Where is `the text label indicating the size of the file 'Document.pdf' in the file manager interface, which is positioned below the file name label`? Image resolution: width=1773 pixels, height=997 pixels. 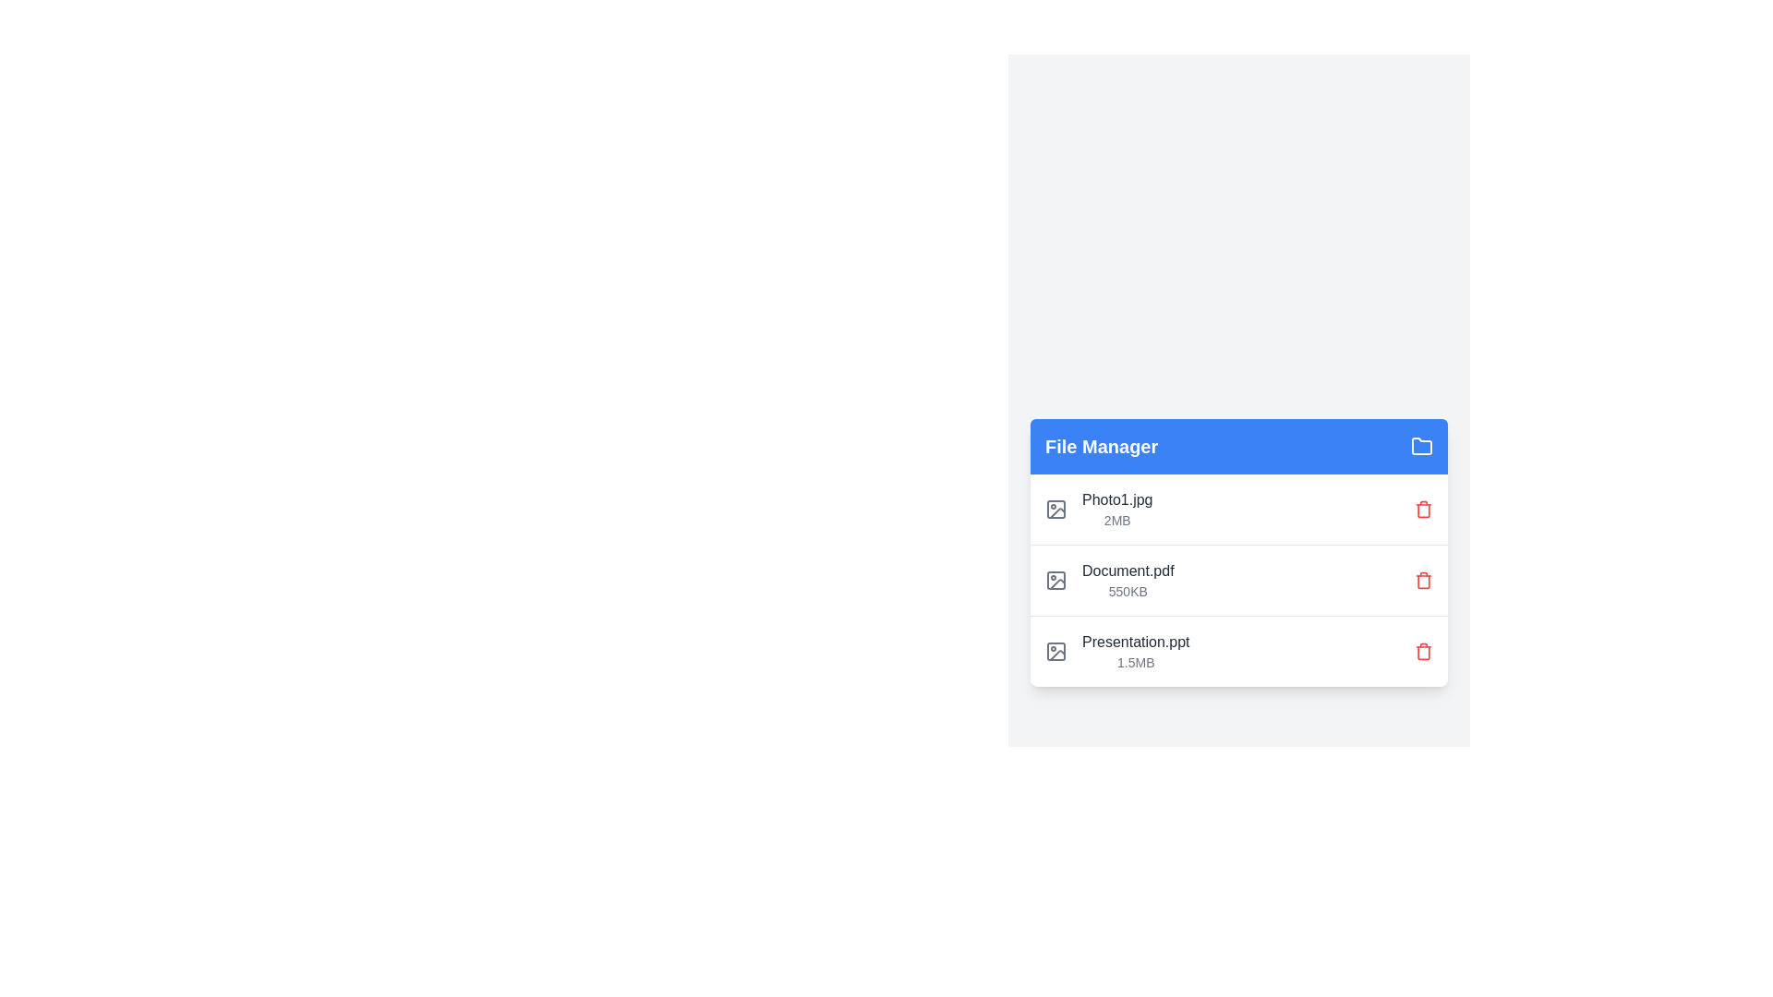
the text label indicating the size of the file 'Document.pdf' in the file manager interface, which is positioned below the file name label is located at coordinates (1127, 591).